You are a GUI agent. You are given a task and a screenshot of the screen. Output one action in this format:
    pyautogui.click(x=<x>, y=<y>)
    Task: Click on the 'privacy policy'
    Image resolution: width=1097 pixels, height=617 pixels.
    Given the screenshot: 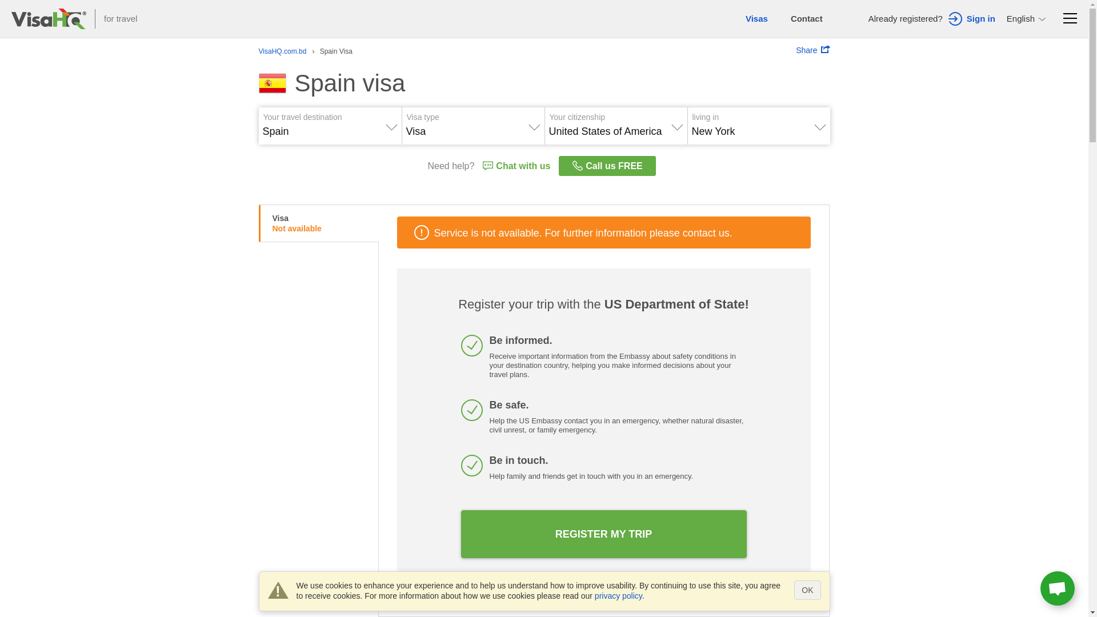 What is the action you would take?
    pyautogui.click(x=618, y=595)
    